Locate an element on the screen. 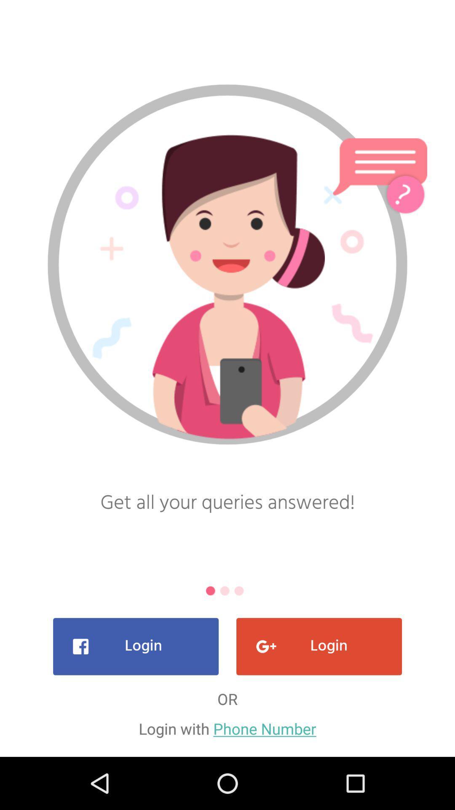 The width and height of the screenshot is (455, 810). the login button is located at coordinates (135, 646).